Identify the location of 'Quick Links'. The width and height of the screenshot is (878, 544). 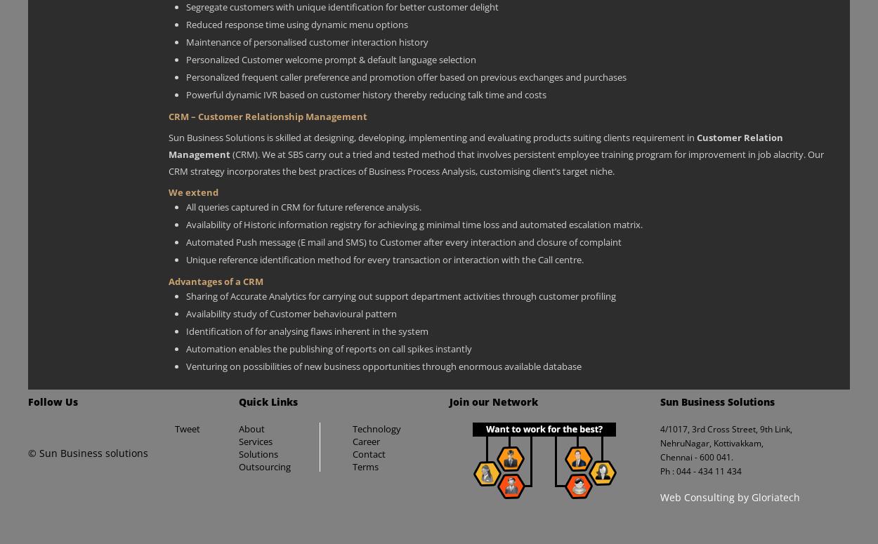
(268, 400).